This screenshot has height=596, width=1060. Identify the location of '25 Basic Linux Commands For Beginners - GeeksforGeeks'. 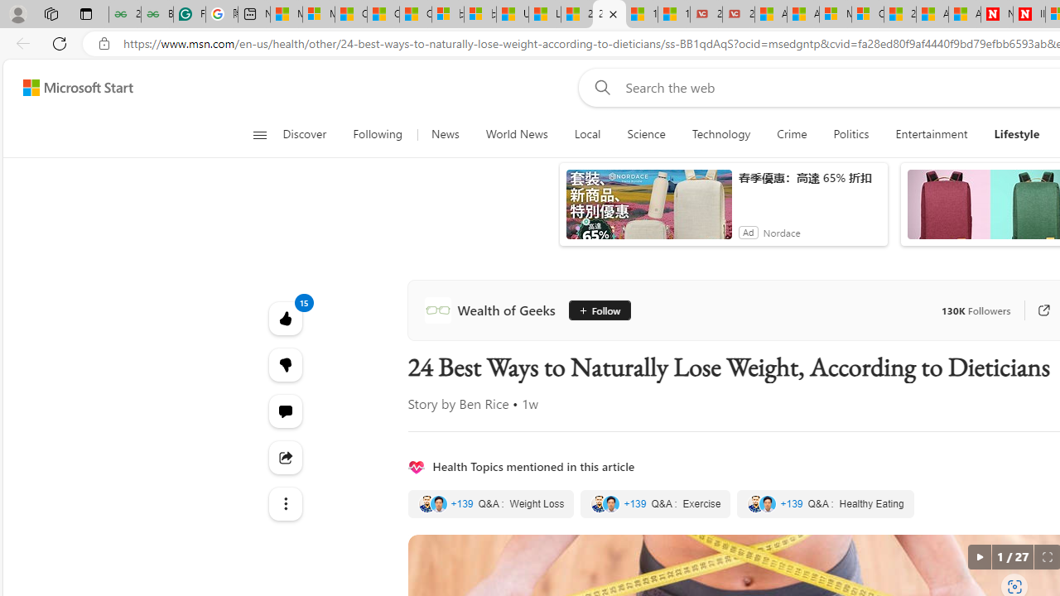
(124, 14).